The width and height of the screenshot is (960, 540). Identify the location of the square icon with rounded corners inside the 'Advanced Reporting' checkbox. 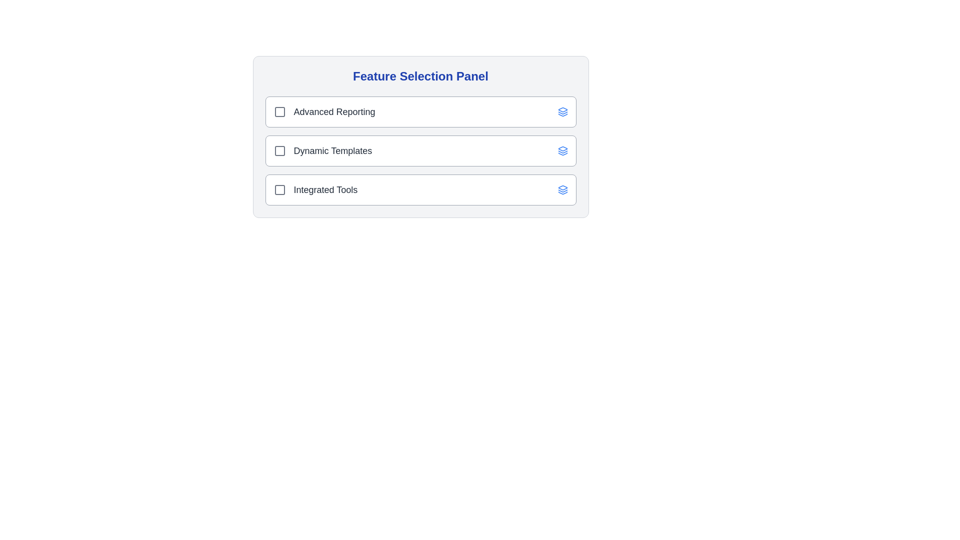
(279, 111).